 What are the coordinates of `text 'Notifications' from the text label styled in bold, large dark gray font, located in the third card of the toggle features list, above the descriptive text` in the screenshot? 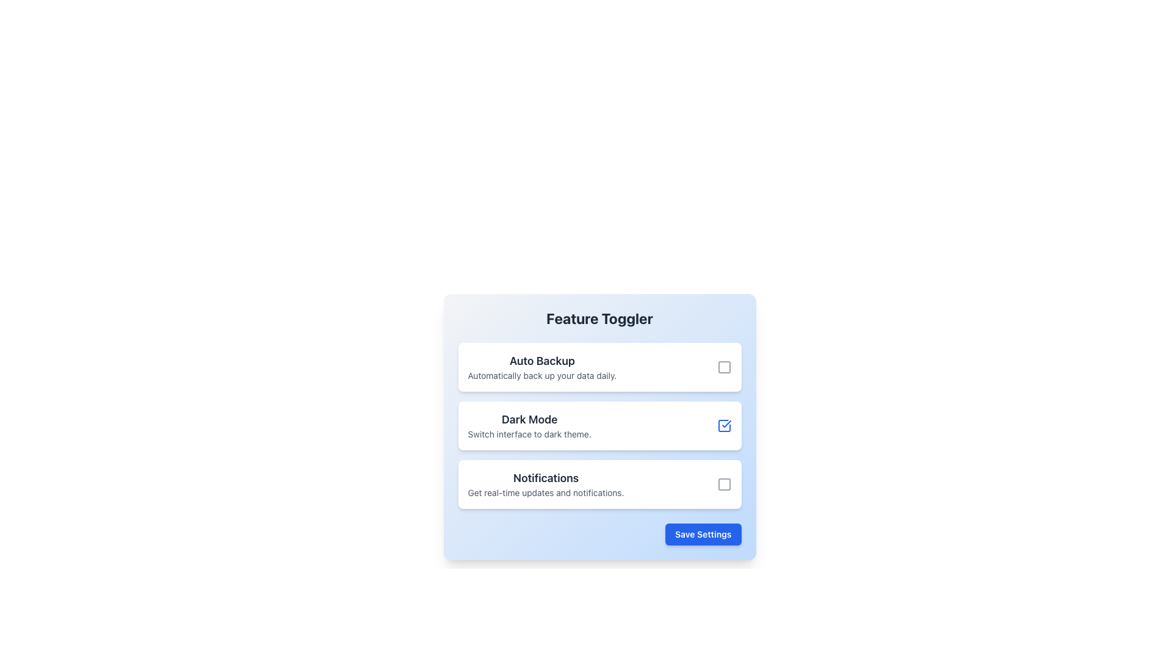 It's located at (545, 477).